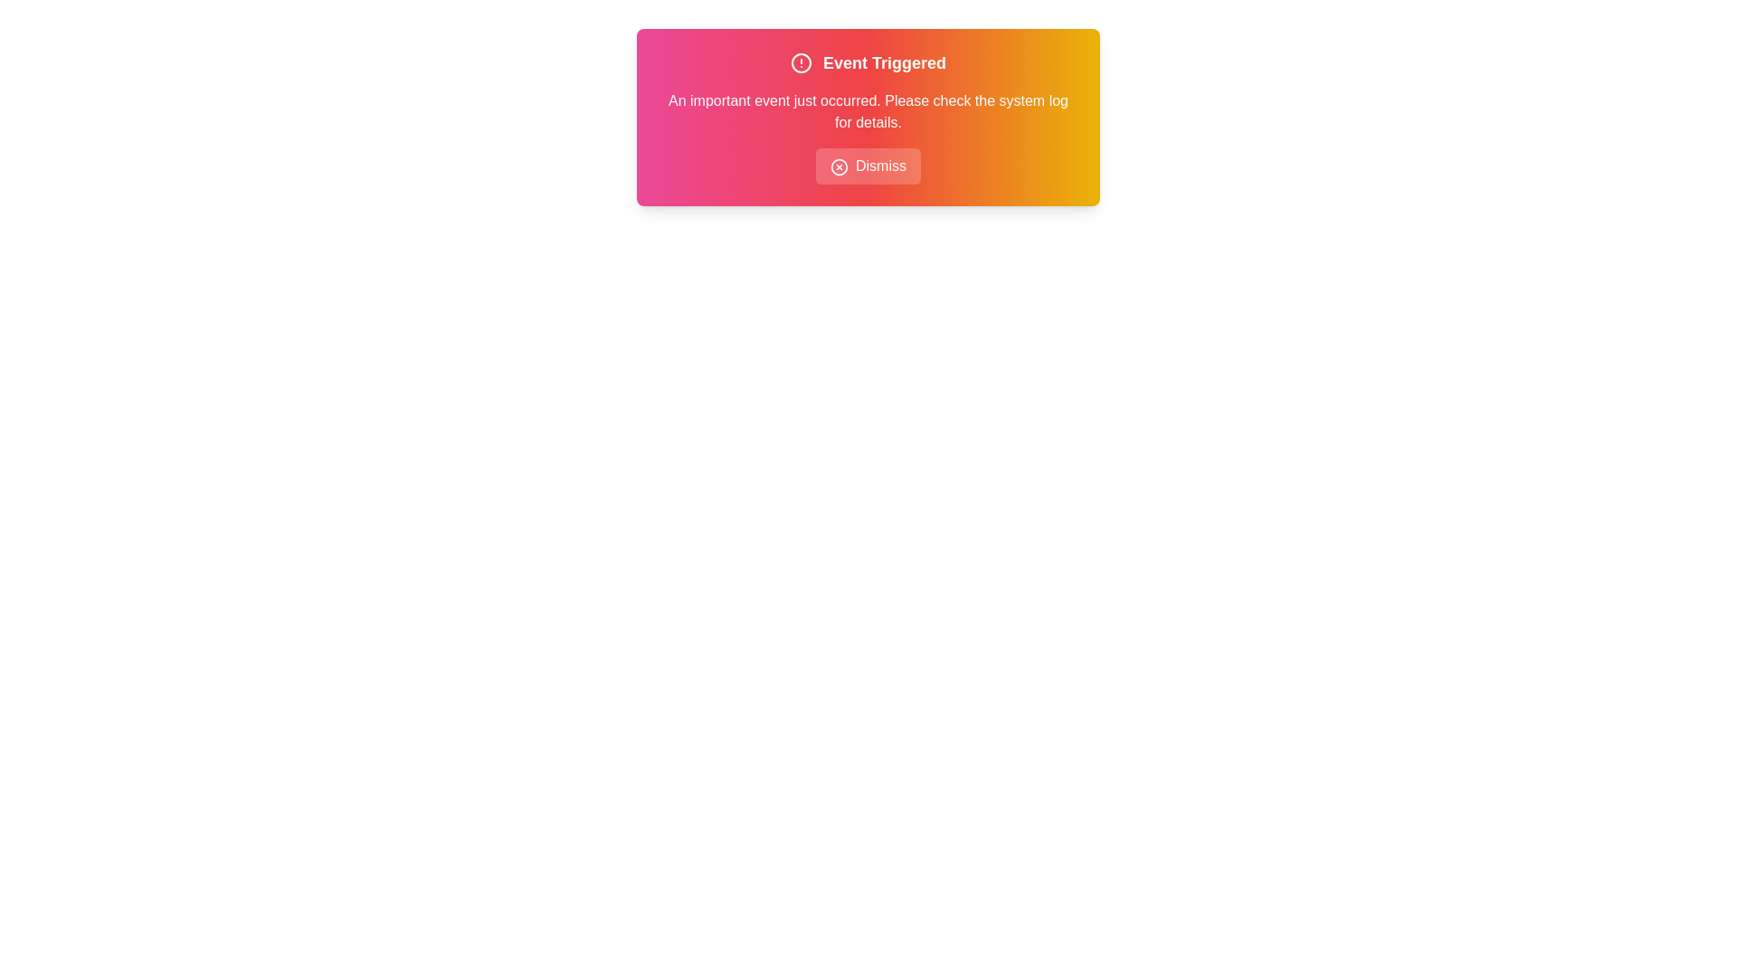 Image resolution: width=1737 pixels, height=977 pixels. Describe the element at coordinates (885, 62) in the screenshot. I see `the bold text label stating 'Event Triggered' that is positioned at the top of a notification-like UI component with a vibrant gradient background` at that location.